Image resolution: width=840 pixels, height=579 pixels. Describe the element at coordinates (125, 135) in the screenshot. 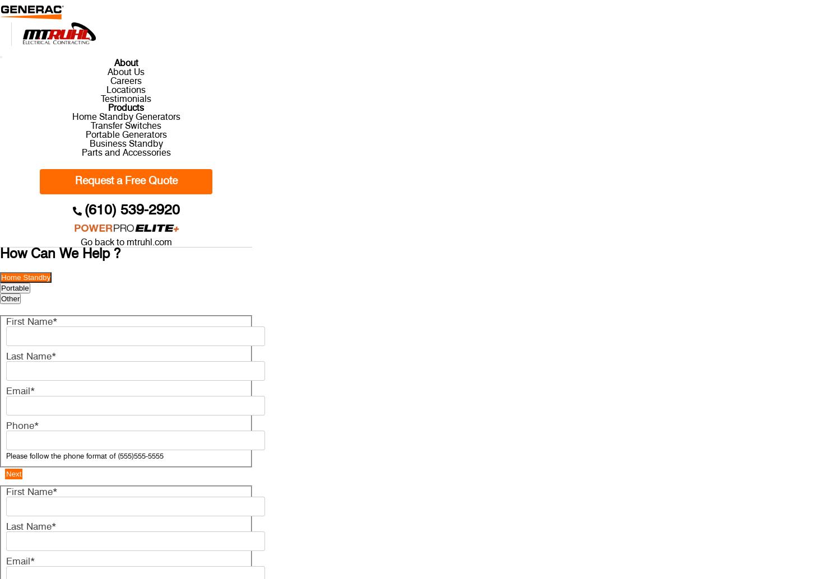

I see `'Portable Generators'` at that location.